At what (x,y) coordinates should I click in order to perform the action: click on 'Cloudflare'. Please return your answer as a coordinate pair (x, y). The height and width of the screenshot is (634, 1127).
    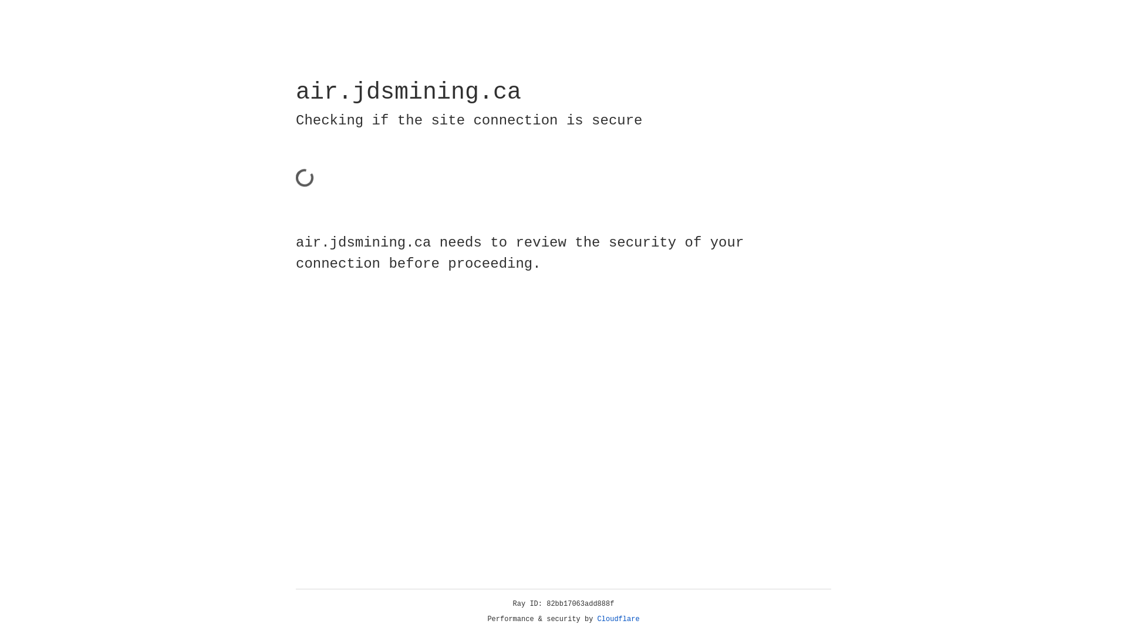
    Looking at the image, I should click on (618, 619).